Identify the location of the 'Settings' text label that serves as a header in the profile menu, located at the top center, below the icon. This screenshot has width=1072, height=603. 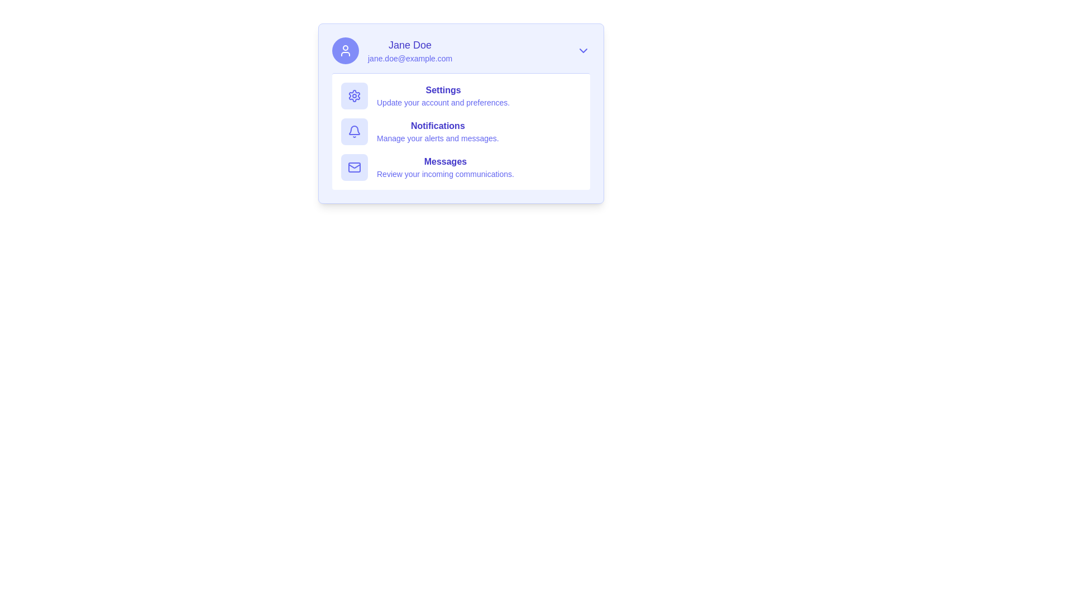
(443, 90).